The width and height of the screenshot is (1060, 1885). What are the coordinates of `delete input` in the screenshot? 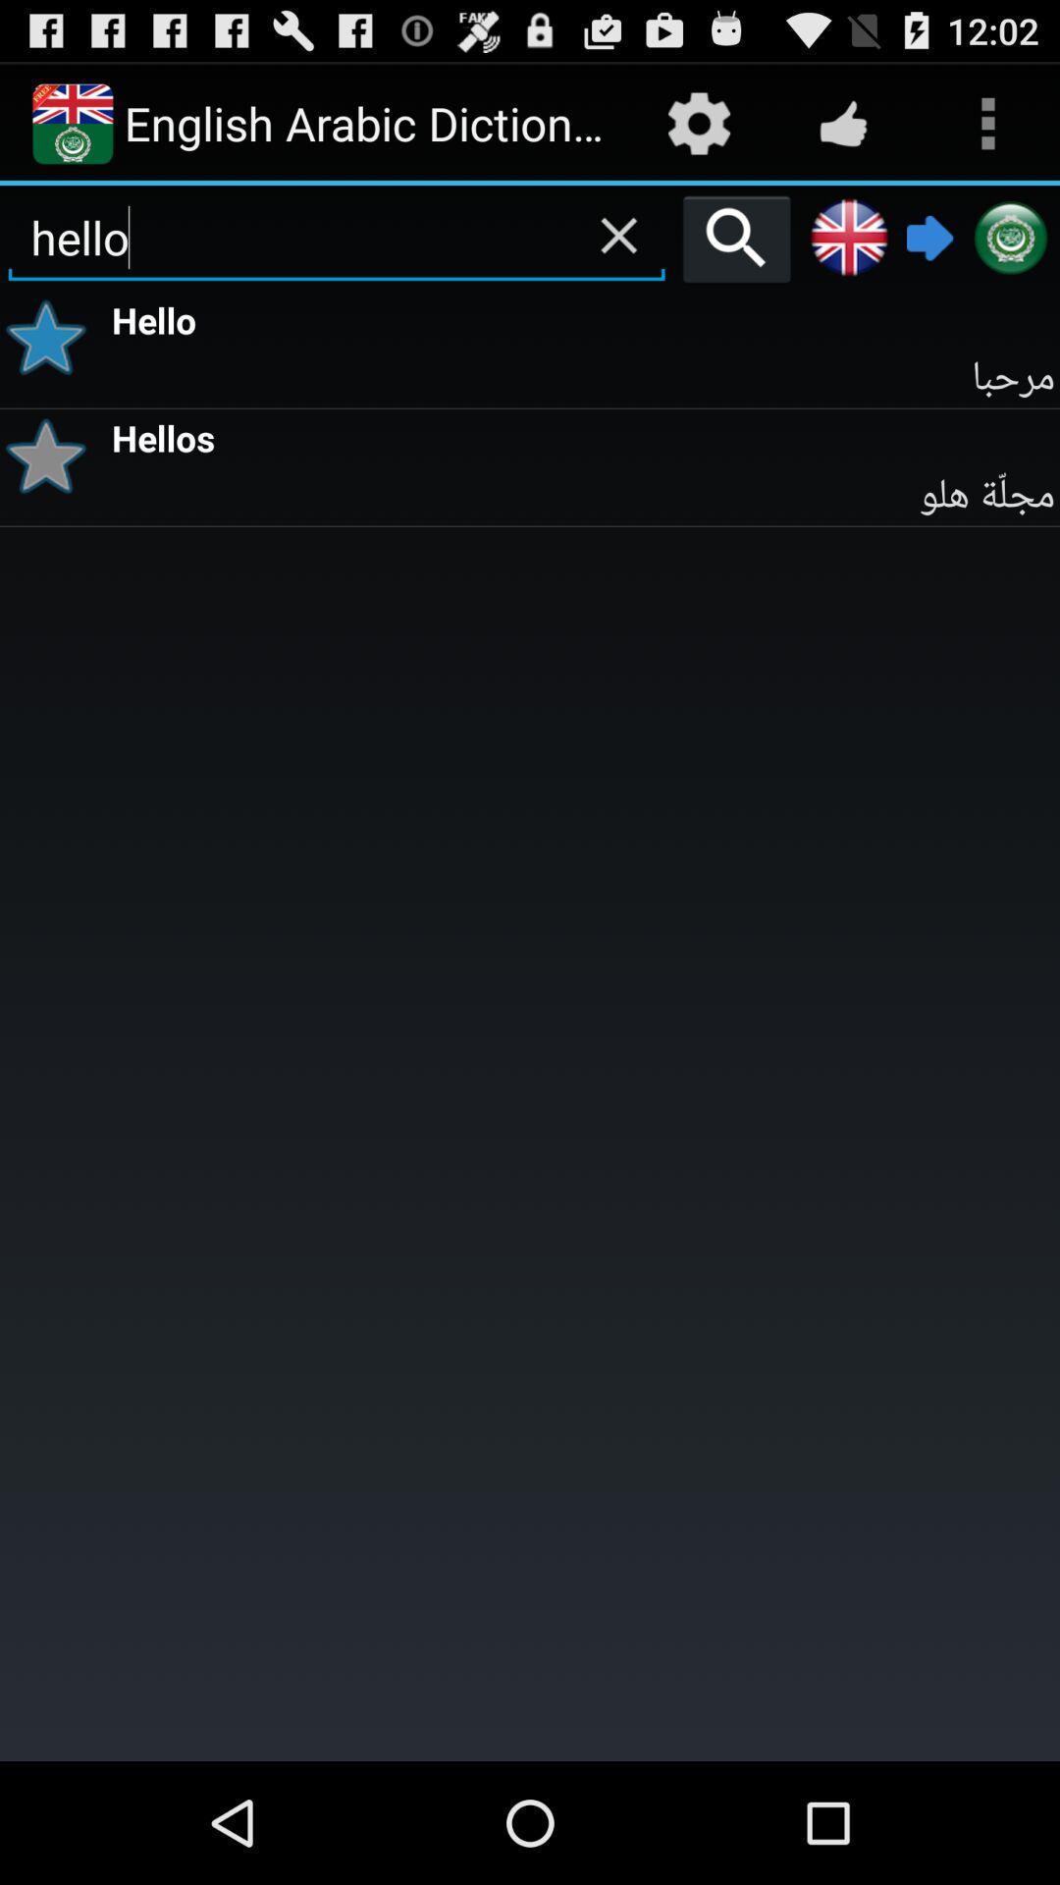 It's located at (618, 236).